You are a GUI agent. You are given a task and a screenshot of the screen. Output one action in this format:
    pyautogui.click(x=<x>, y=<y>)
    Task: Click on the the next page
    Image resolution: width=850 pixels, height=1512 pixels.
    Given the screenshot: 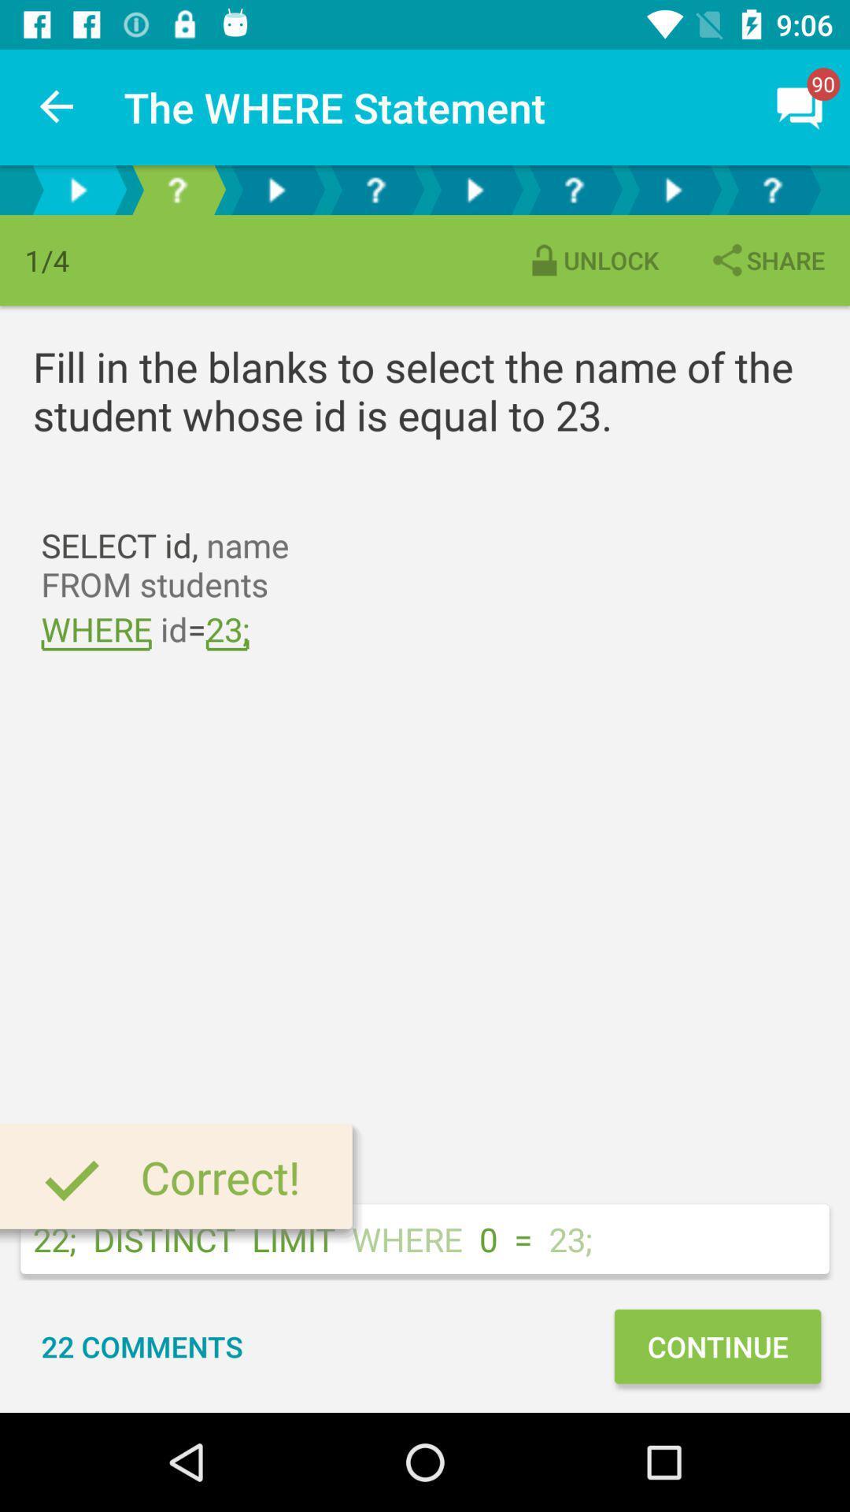 What is the action you would take?
    pyautogui.click(x=275, y=189)
    